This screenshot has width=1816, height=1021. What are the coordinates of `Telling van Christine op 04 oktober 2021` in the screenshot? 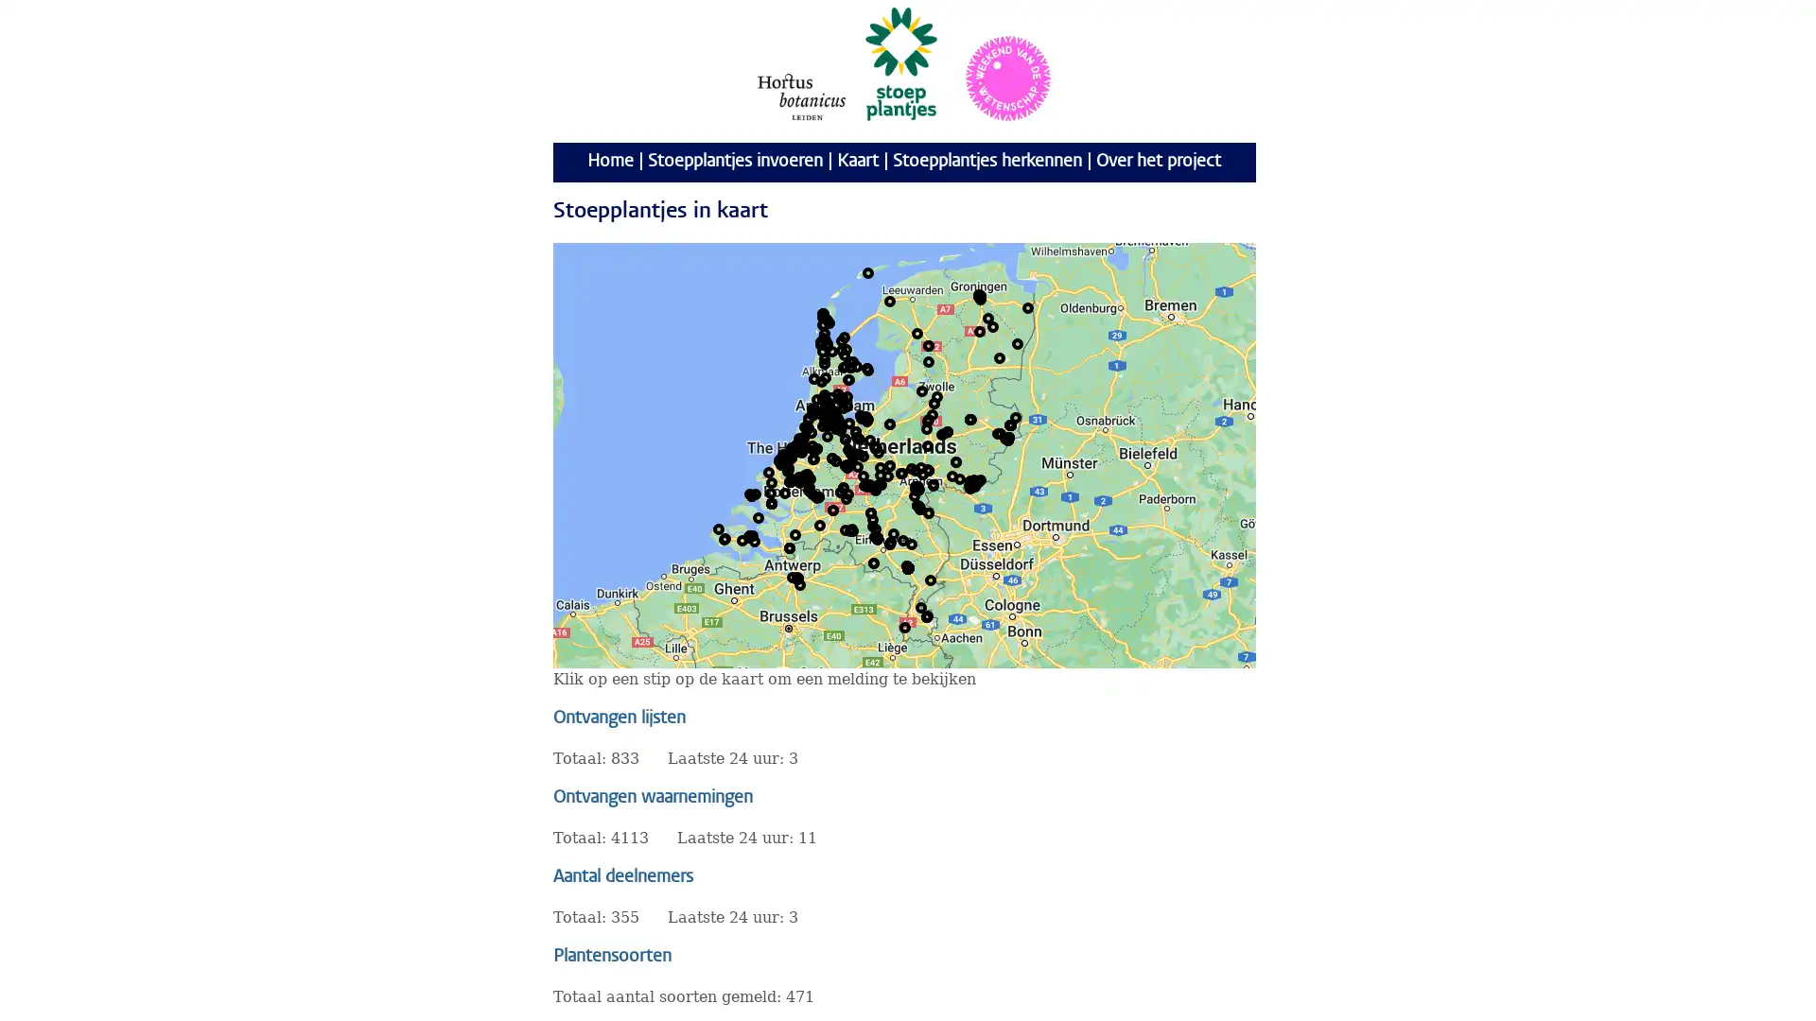 It's located at (858, 438).